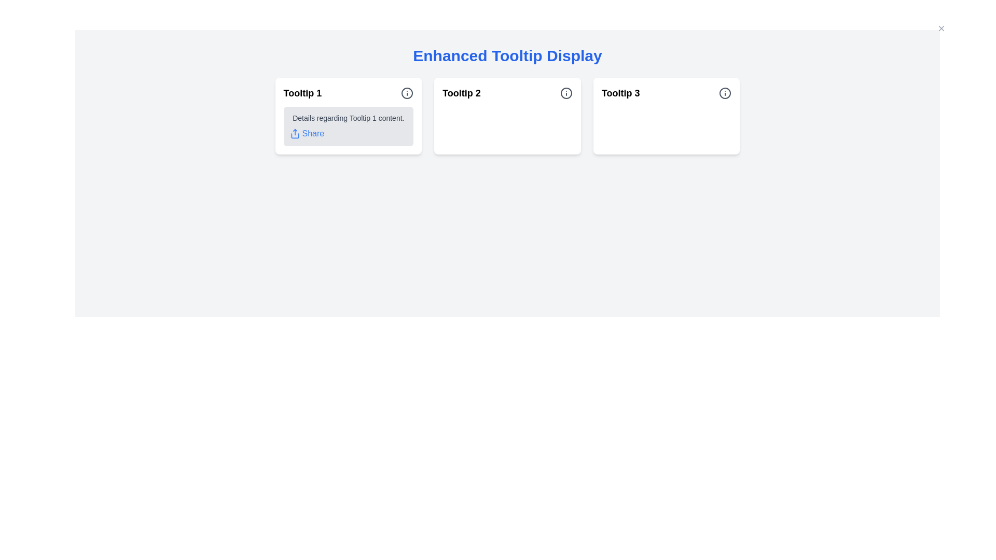 The height and width of the screenshot is (560, 996). What do you see at coordinates (294, 133) in the screenshot?
I see `the 'Share' icon located in the first tooltip box under 'Tooltip 1' to initiate sharing` at bounding box center [294, 133].